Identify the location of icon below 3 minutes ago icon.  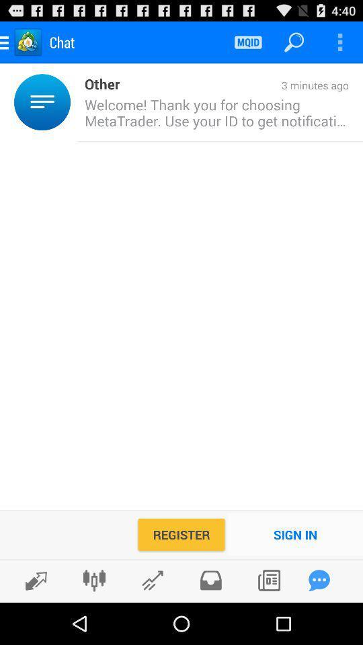
(213, 112).